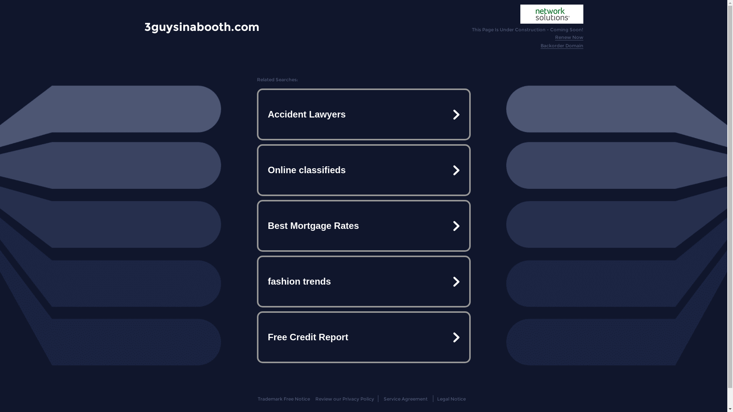 The height and width of the screenshot is (412, 733). I want to click on 'Backorder Domain', so click(562, 45).